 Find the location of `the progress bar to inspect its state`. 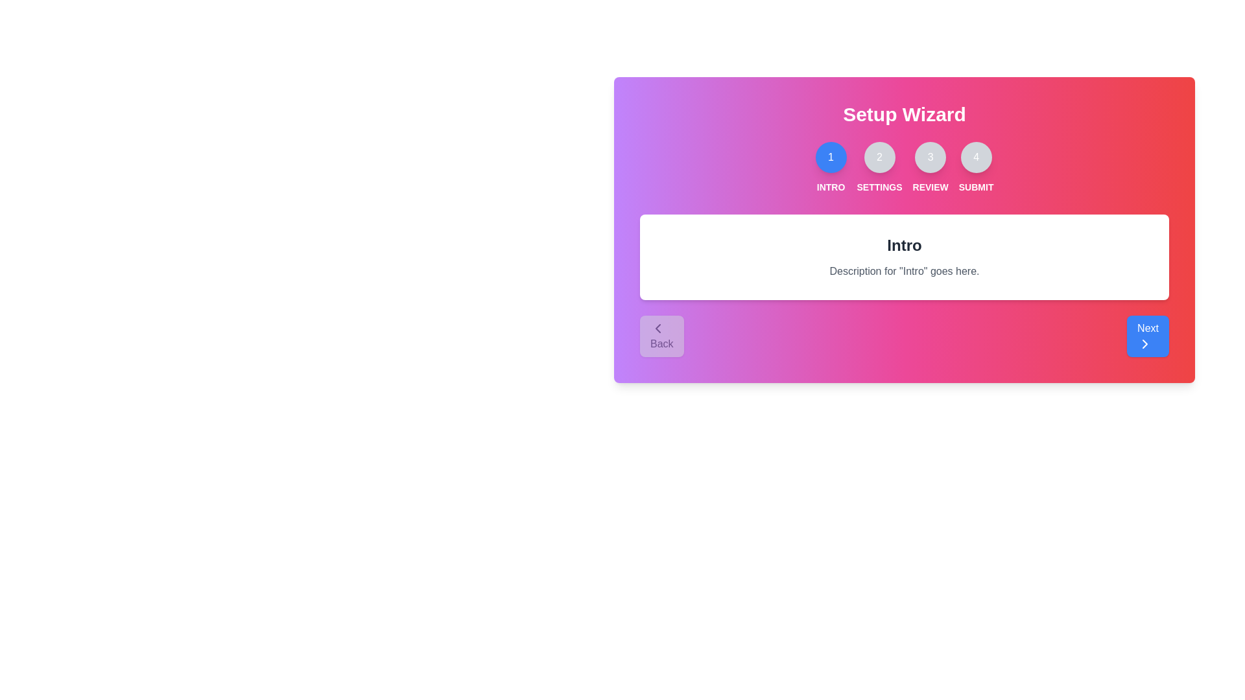

the progress bar to inspect its state is located at coordinates (867, 158).